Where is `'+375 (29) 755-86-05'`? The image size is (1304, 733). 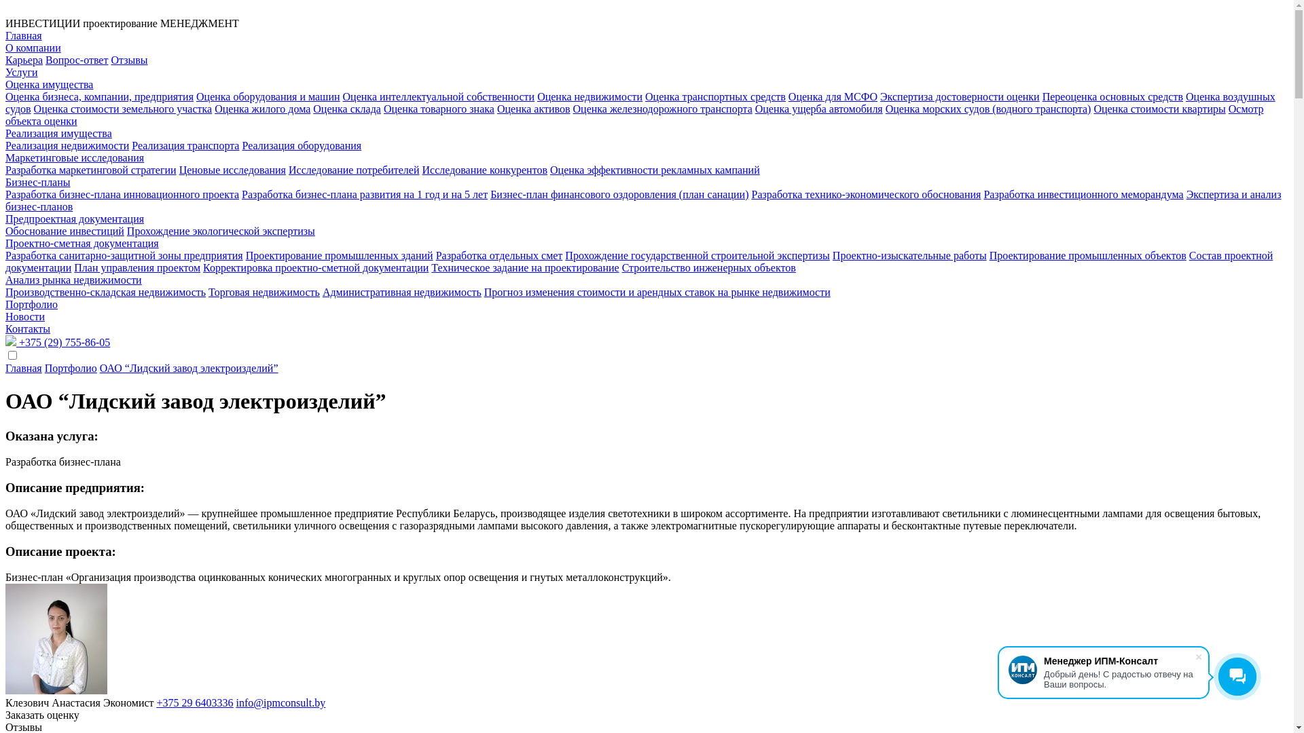 '+375 (29) 755-86-05' is located at coordinates (57, 341).